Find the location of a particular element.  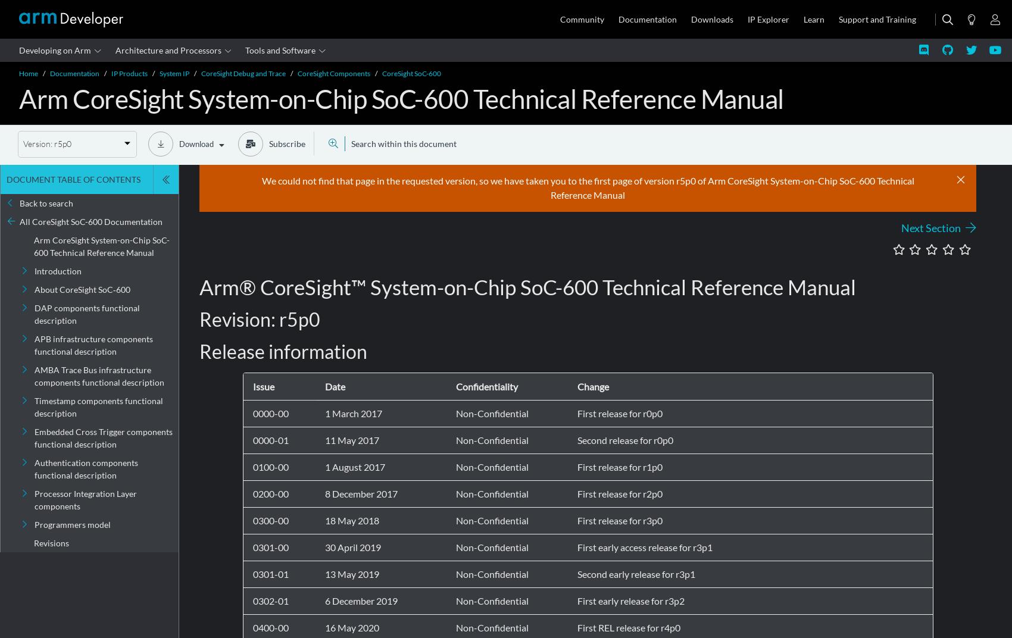

'Date' is located at coordinates (324, 386).